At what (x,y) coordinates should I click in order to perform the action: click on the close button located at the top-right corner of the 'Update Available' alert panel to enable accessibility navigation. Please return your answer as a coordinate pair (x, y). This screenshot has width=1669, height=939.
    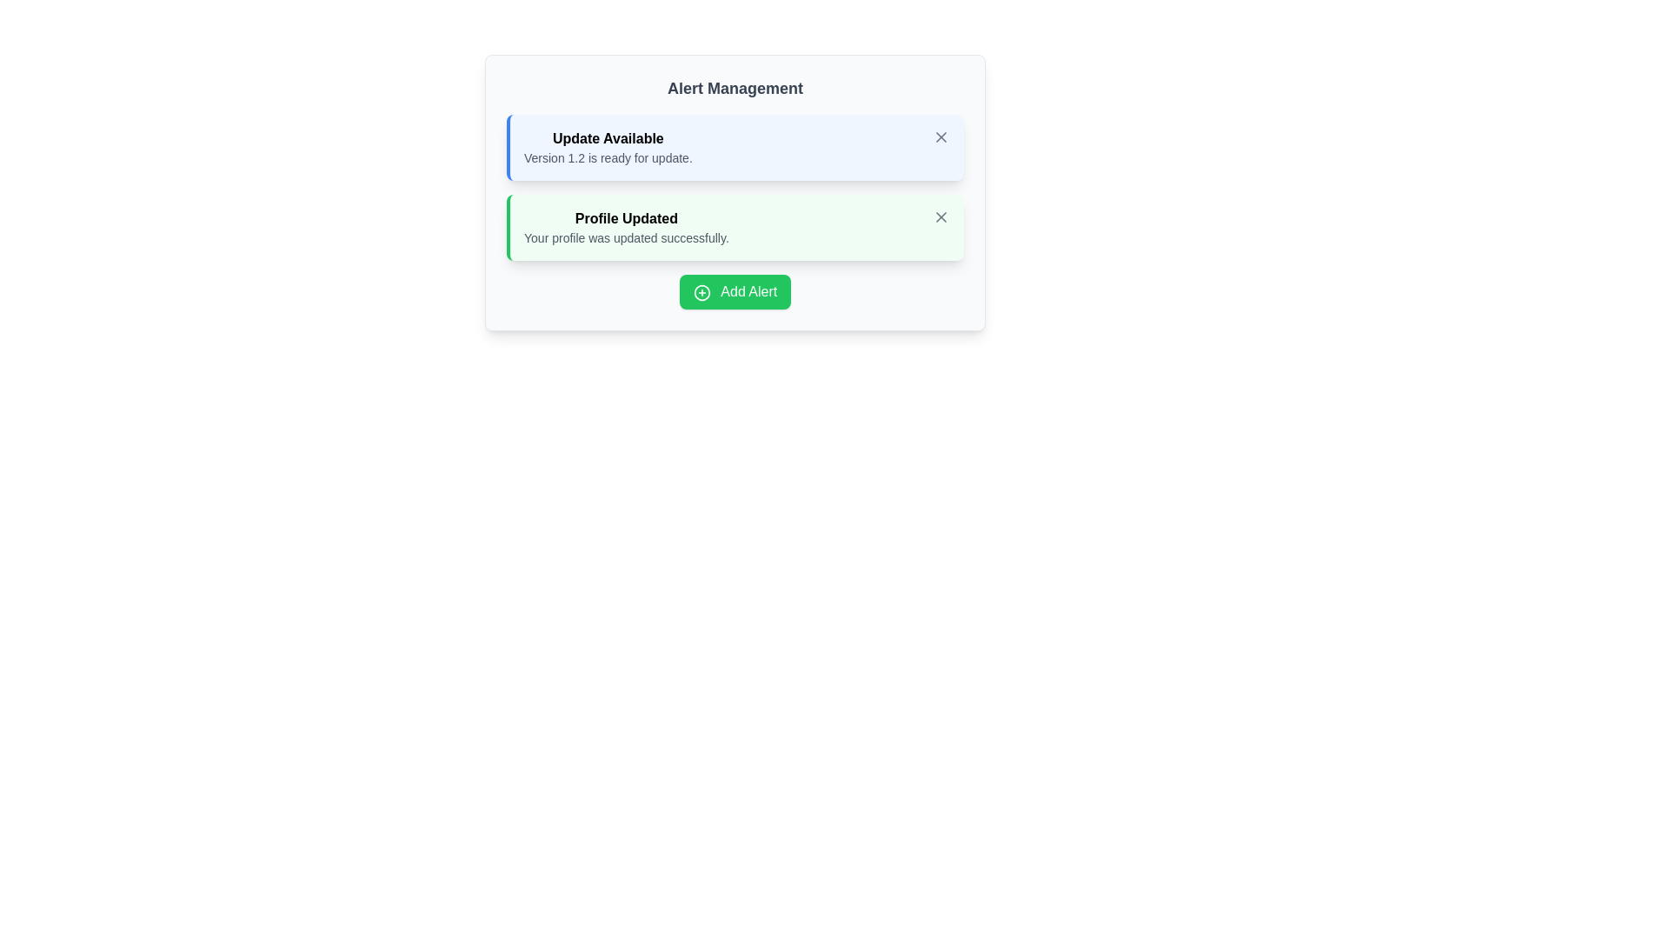
    Looking at the image, I should click on (941, 137).